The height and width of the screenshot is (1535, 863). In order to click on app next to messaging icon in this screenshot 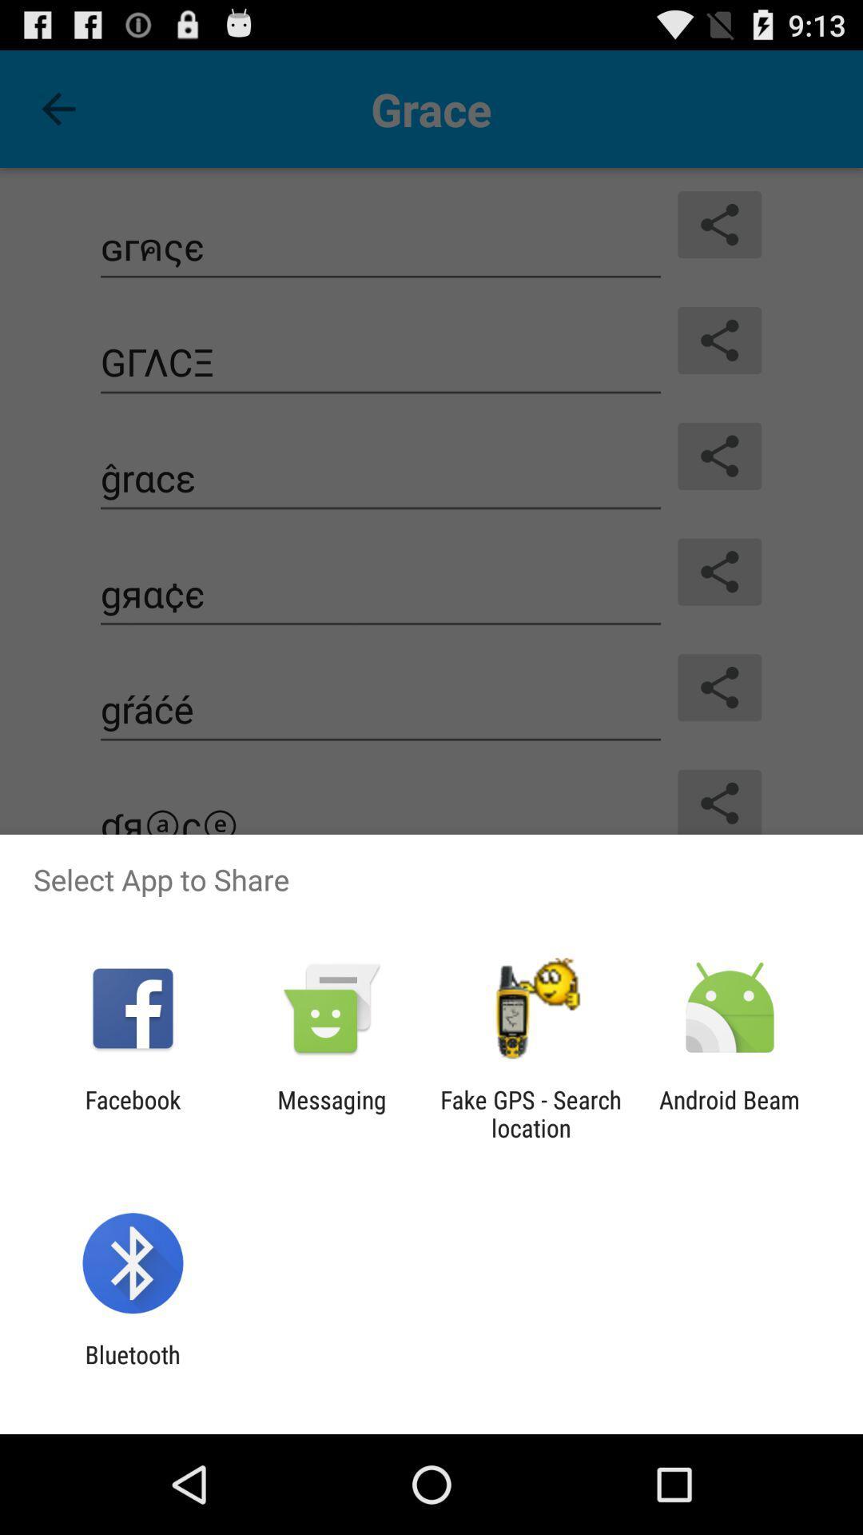, I will do `click(132, 1113)`.